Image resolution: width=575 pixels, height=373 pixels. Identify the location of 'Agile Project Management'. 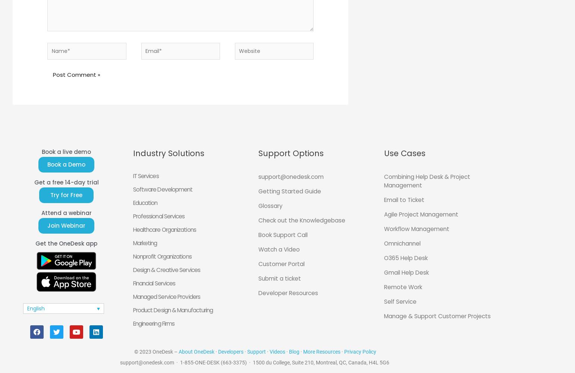
(420, 214).